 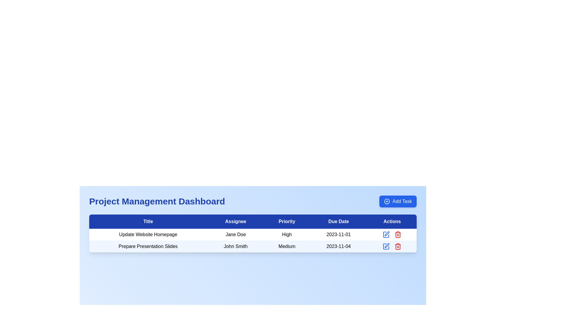 What do you see at coordinates (387, 233) in the screenshot?
I see `the blue pen icon button in the 'Actions' column of the second row to initiate editing of the task titled 'Prepare Presentation Slides'` at bounding box center [387, 233].